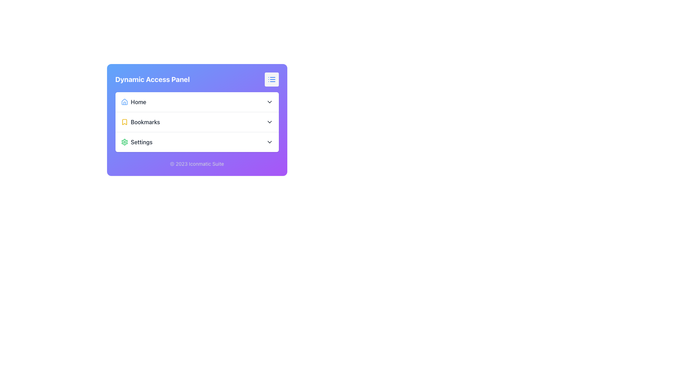 Image resolution: width=676 pixels, height=380 pixels. Describe the element at coordinates (269, 122) in the screenshot. I see `the downward-pointing chevron icon located to the right of the 'Bookmarks' text in the second row of the list` at that location.